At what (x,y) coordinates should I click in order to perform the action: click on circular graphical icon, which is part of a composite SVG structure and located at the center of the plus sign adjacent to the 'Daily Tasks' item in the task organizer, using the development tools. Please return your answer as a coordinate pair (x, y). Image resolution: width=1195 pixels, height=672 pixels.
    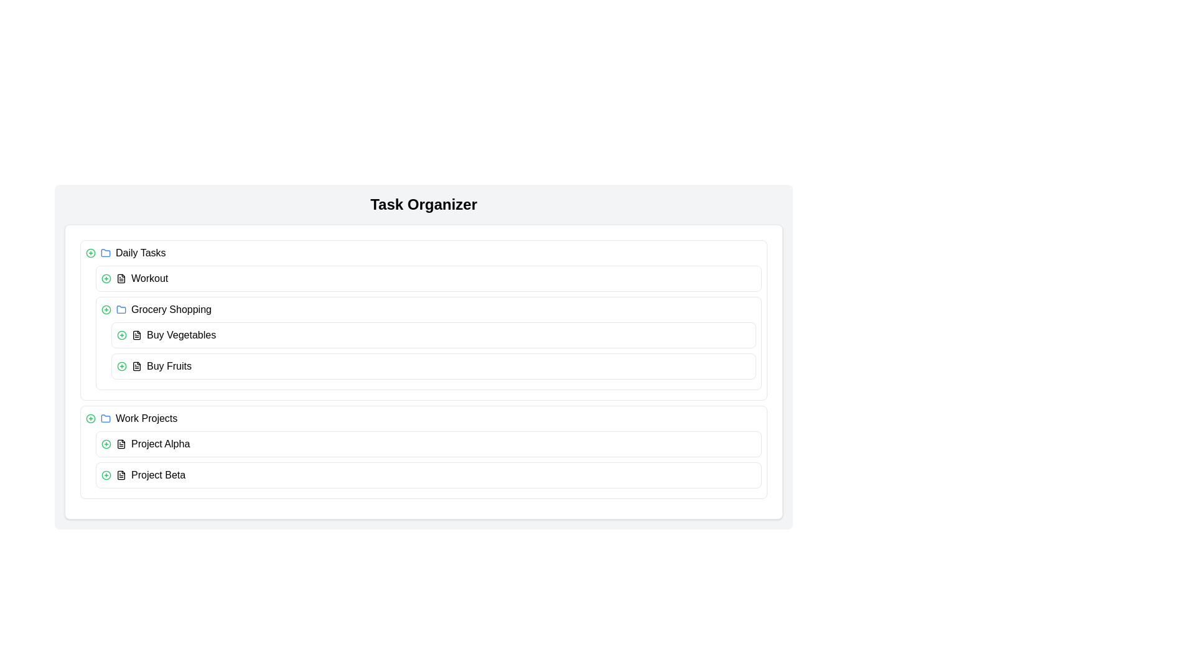
    Looking at the image, I should click on (106, 278).